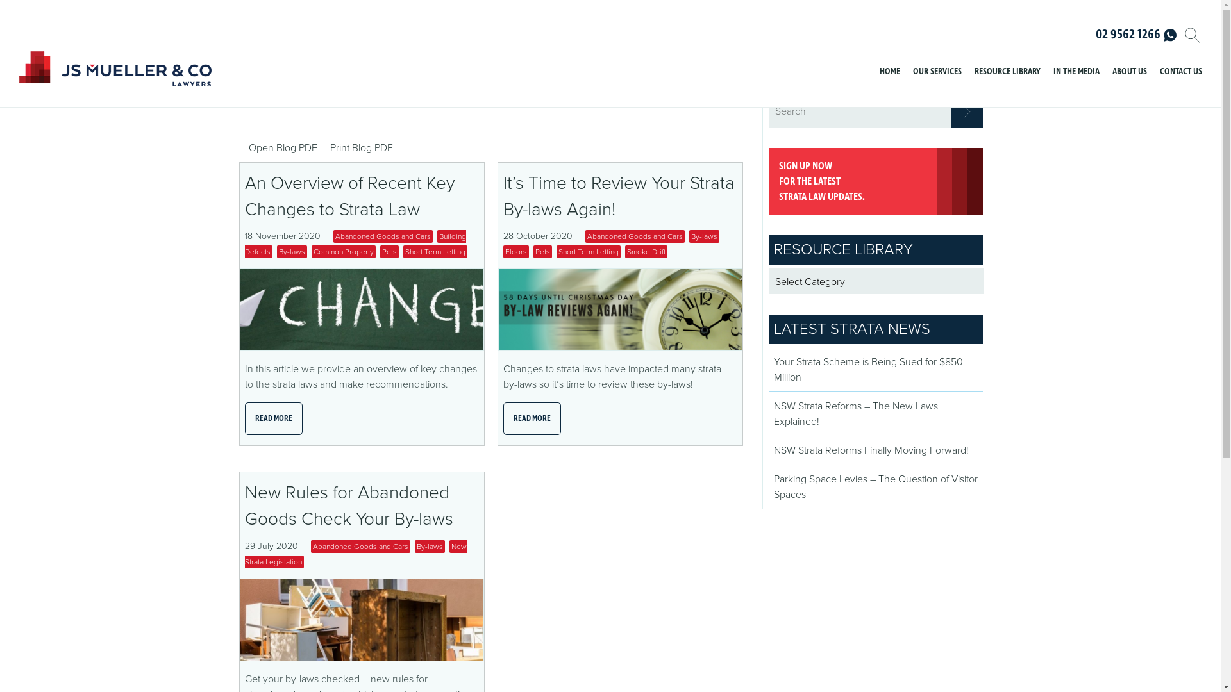 Image resolution: width=1231 pixels, height=692 pixels. What do you see at coordinates (359, 546) in the screenshot?
I see `'Abandoned Goods and Cars'` at bounding box center [359, 546].